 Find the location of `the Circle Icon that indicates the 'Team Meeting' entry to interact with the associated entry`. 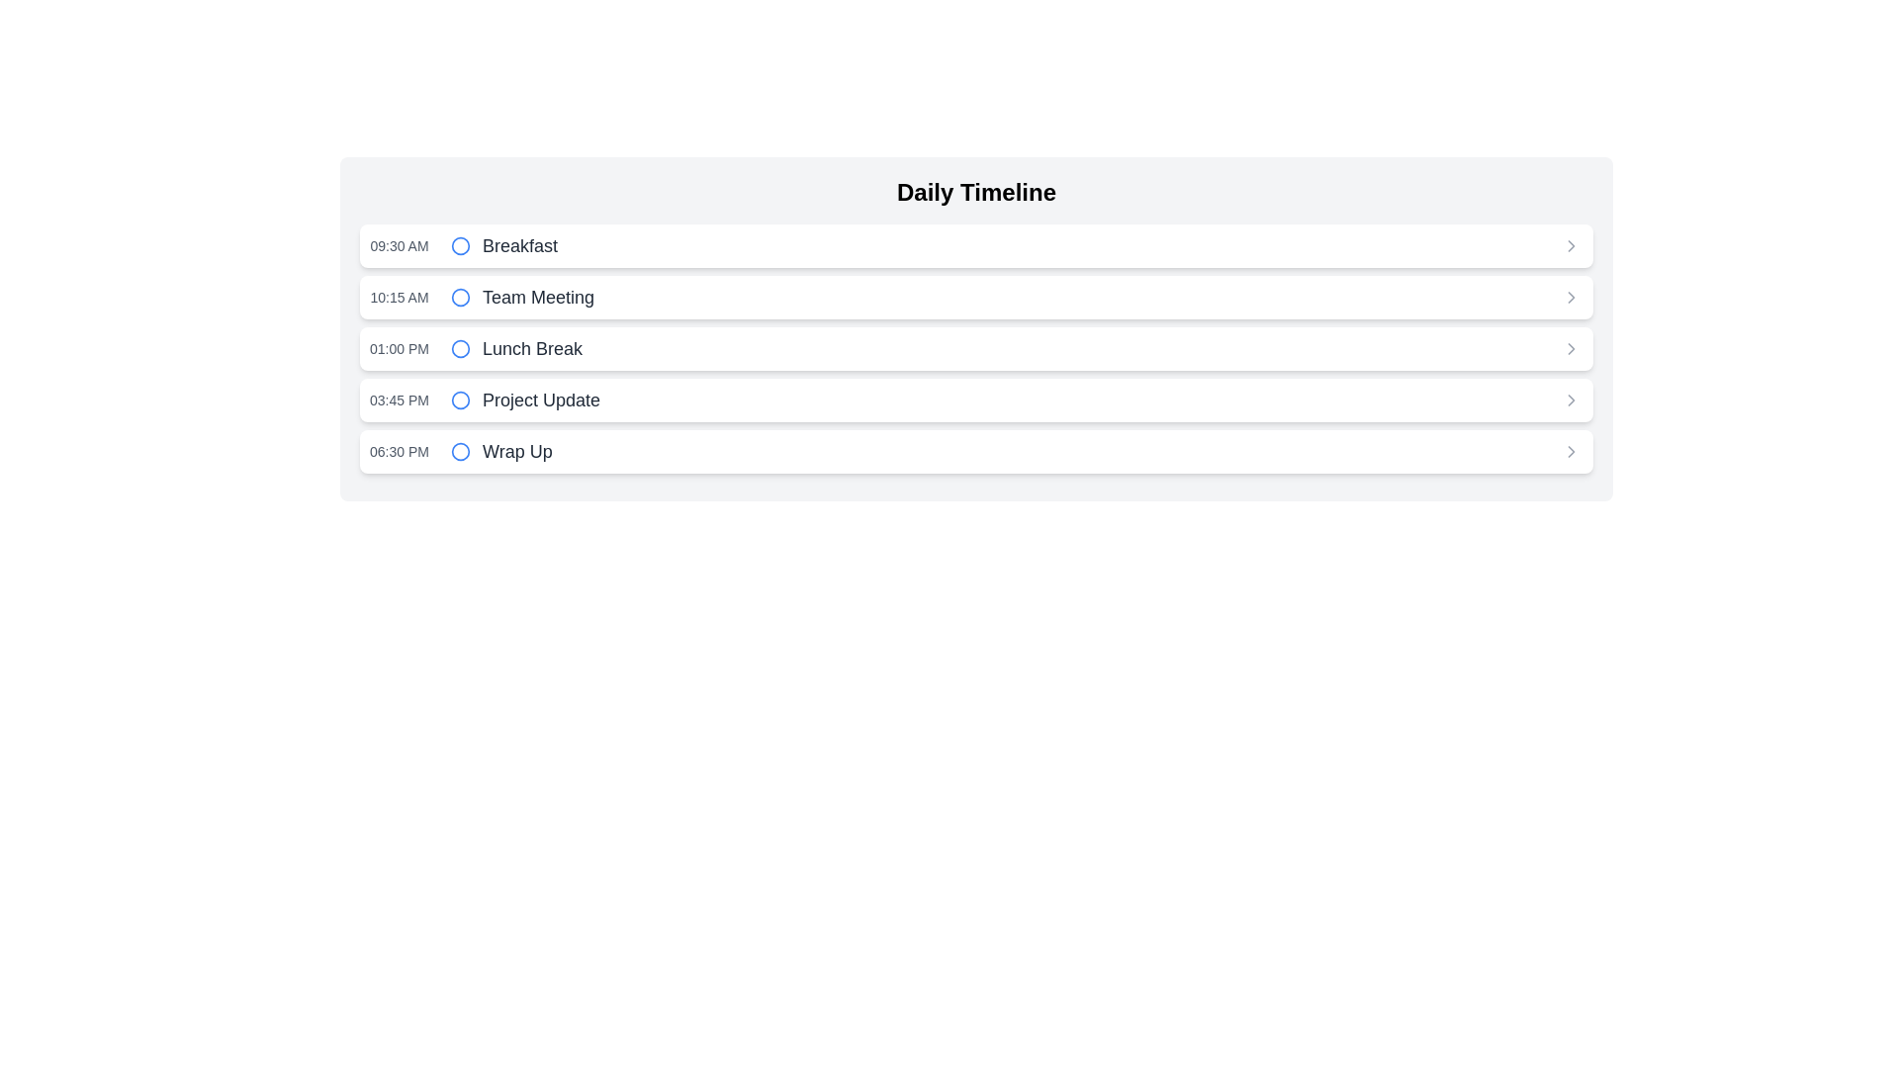

the Circle Icon that indicates the 'Team Meeting' entry to interact with the associated entry is located at coordinates (459, 297).